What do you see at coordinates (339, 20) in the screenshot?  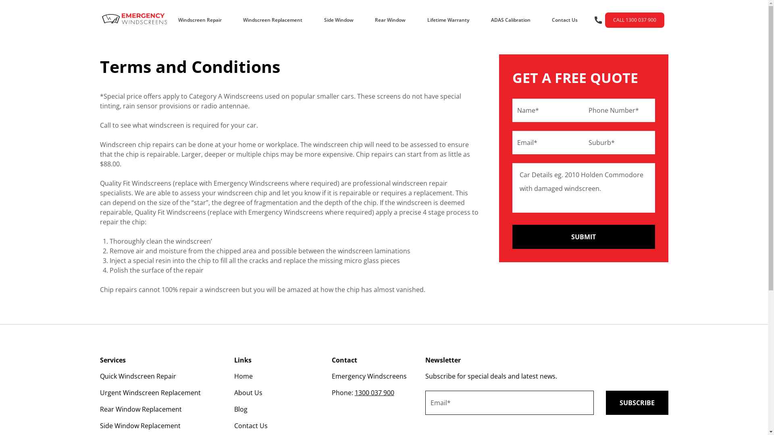 I see `'Side Window'` at bounding box center [339, 20].